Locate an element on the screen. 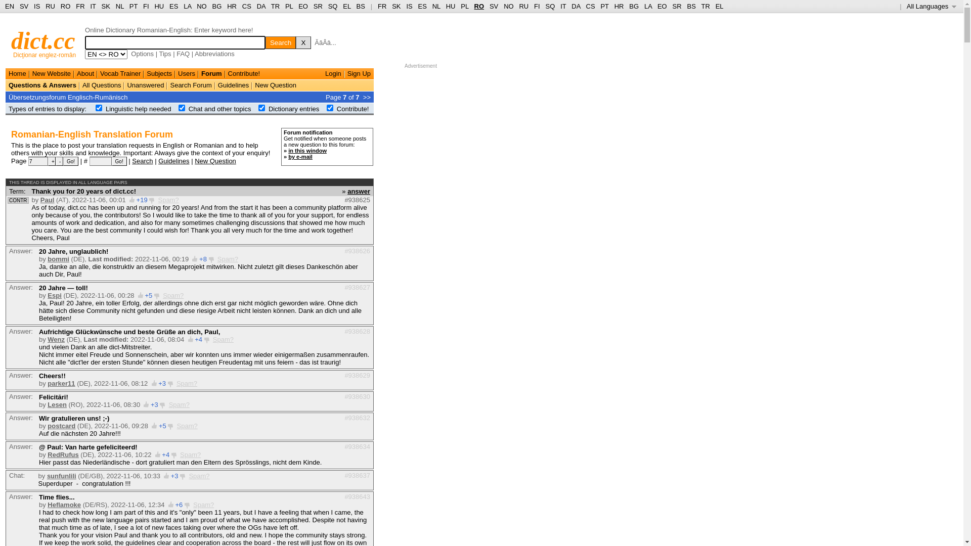 The height and width of the screenshot is (546, 971). 'EO' is located at coordinates (302, 6).